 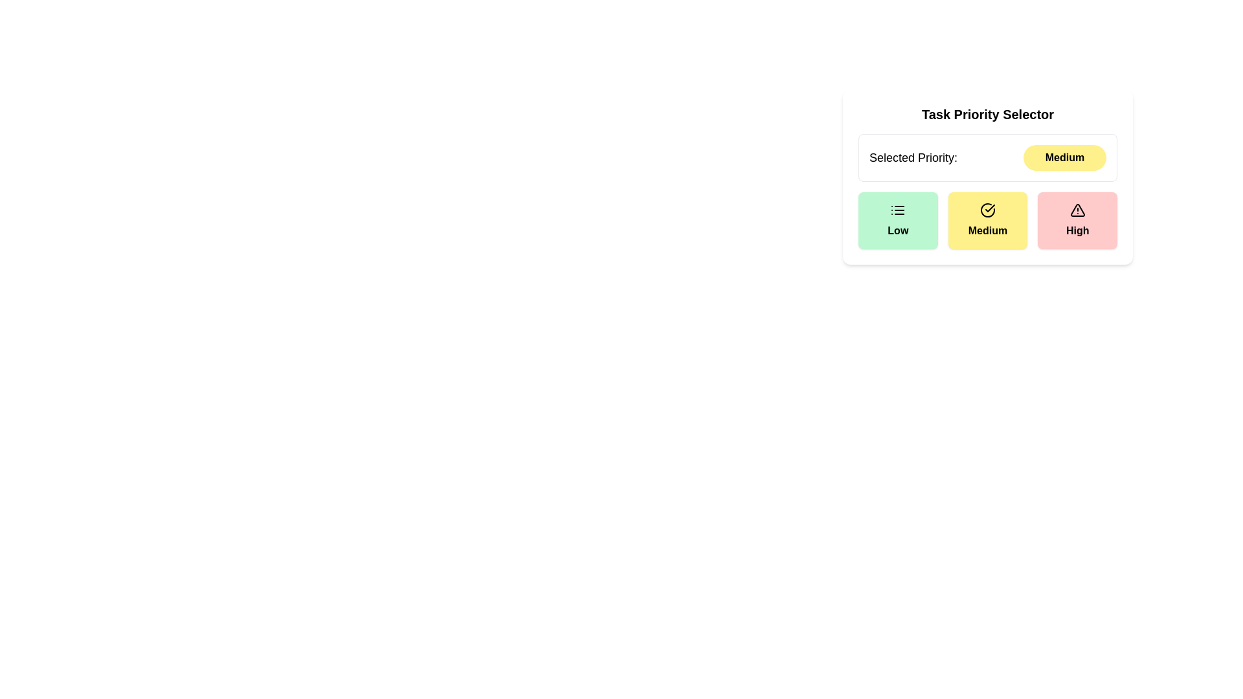 What do you see at coordinates (987, 219) in the screenshot?
I see `the priority level Medium by clicking on the corresponding button` at bounding box center [987, 219].